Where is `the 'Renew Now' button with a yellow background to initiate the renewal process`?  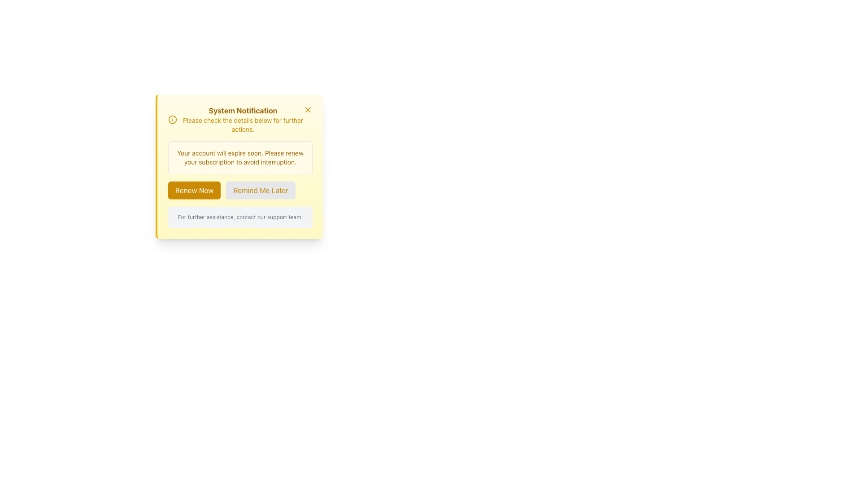
the 'Renew Now' button with a yellow background to initiate the renewal process is located at coordinates (194, 190).